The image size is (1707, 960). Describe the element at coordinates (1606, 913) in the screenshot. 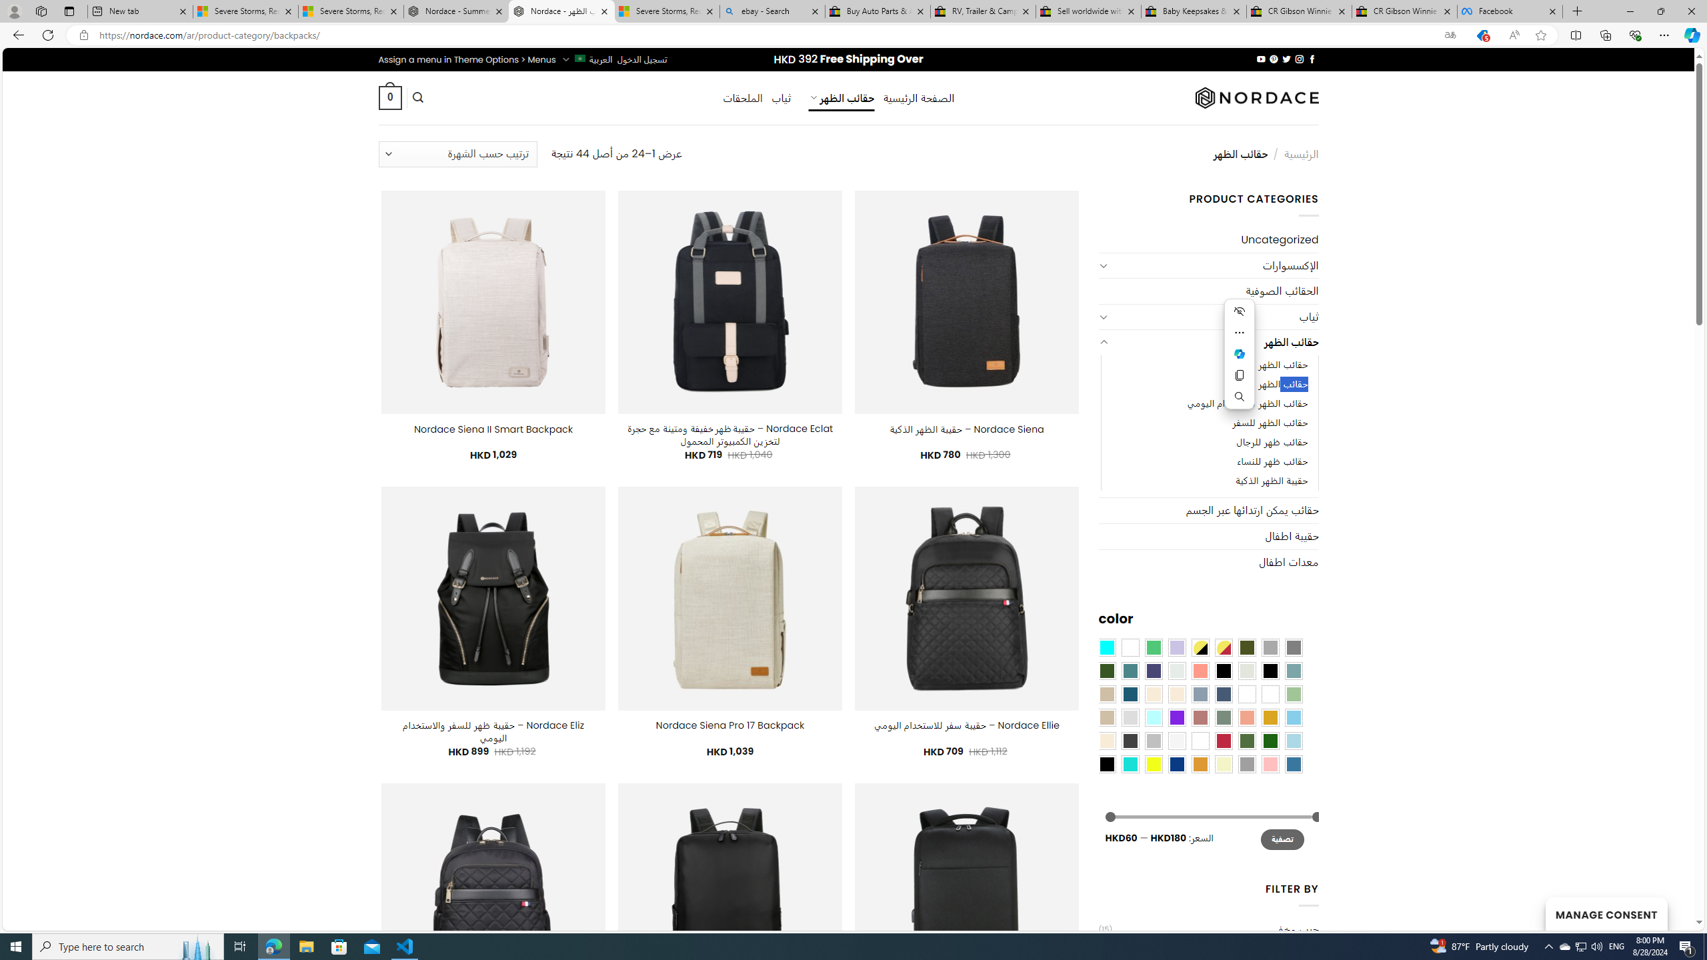

I see `'MANAGE CONSENT'` at that location.